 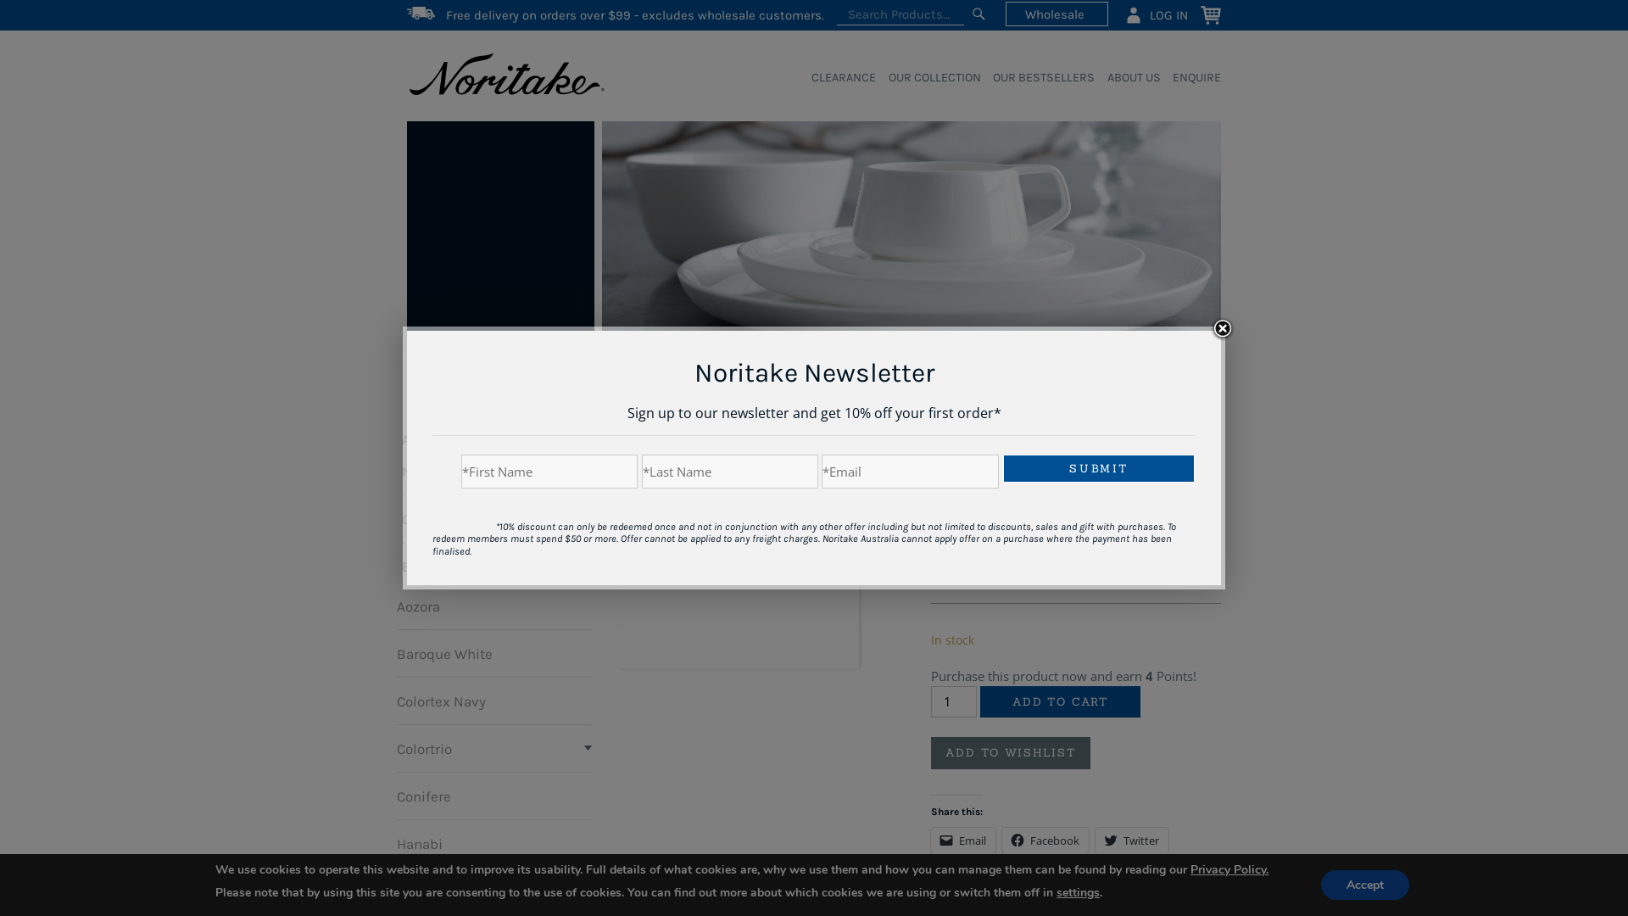 I want to click on 'Facebook', so click(x=1045, y=841).